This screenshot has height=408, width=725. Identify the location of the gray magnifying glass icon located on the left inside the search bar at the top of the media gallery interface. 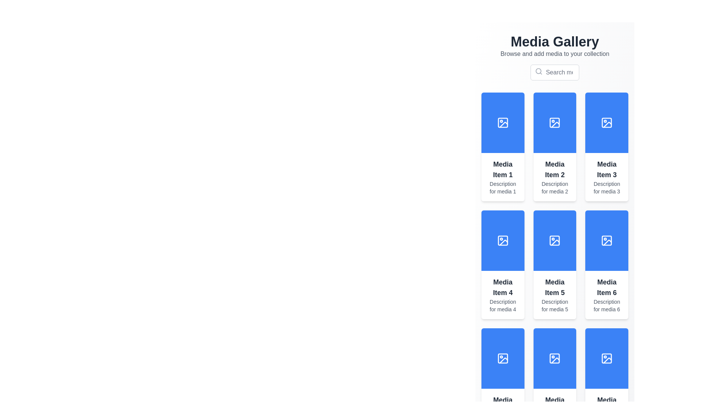
(538, 71).